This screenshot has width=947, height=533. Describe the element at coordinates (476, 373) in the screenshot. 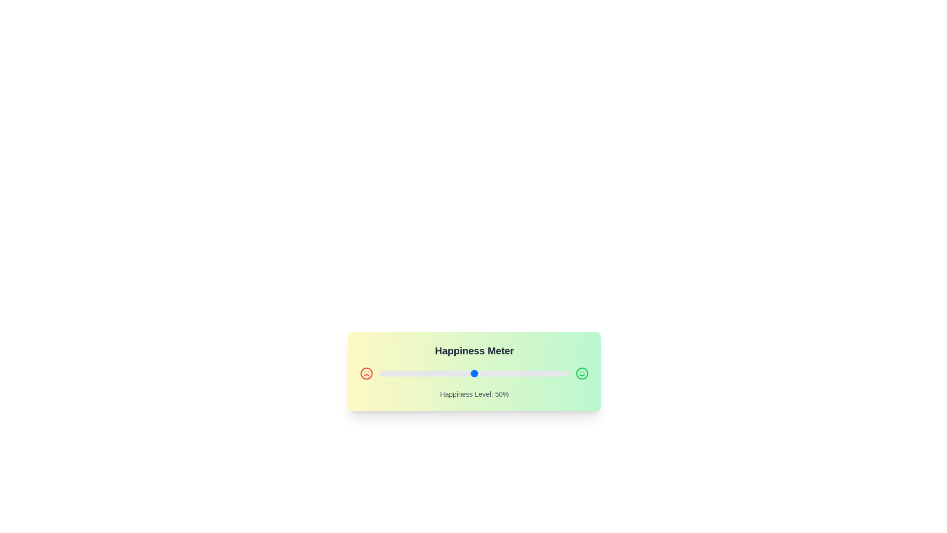

I see `the slider to set the happiness level to 51%` at that location.